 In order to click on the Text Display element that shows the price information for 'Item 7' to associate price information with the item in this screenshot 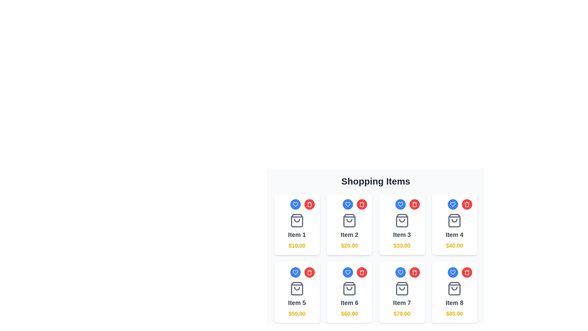, I will do `click(402, 314)`.